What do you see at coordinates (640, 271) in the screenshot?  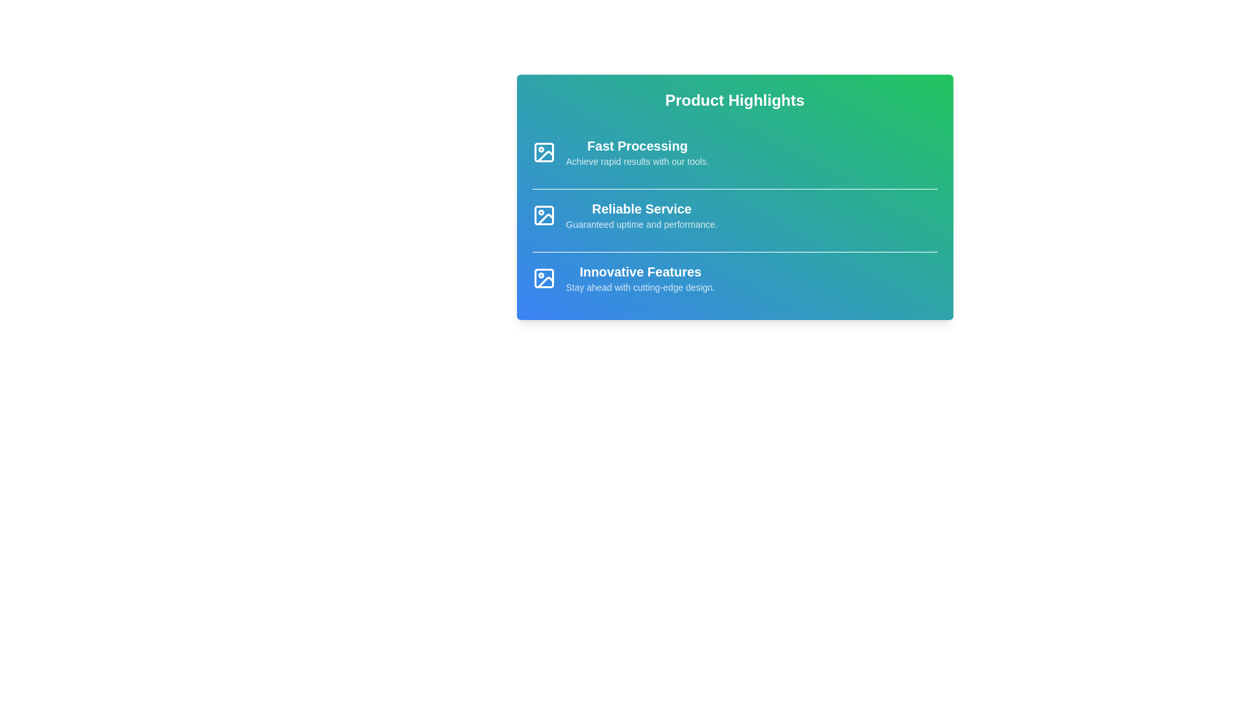 I see `text block titled 'Innovative Features' located in the 'Product Highlights' section, positioned above the text 'Stay ahead with cutting-edge design.'` at bounding box center [640, 271].